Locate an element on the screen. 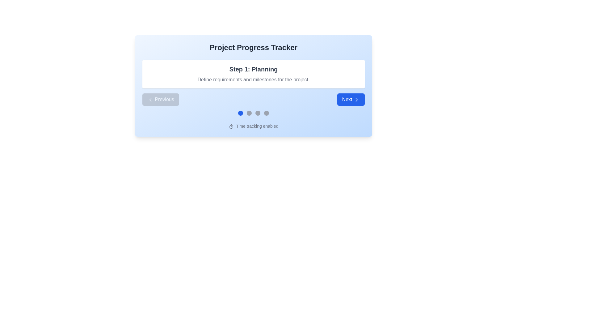  text of the heading element that informs the user about the tracking project progress, positioned at the top of the interface is located at coordinates (253, 47).